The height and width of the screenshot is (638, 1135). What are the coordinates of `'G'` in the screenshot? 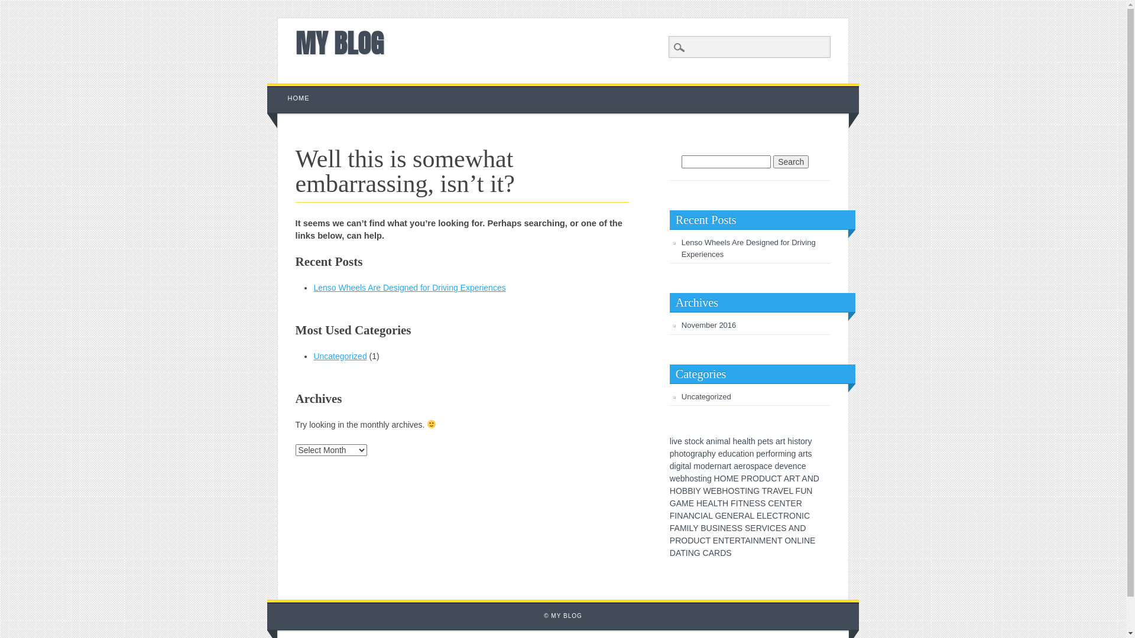 It's located at (755, 490).